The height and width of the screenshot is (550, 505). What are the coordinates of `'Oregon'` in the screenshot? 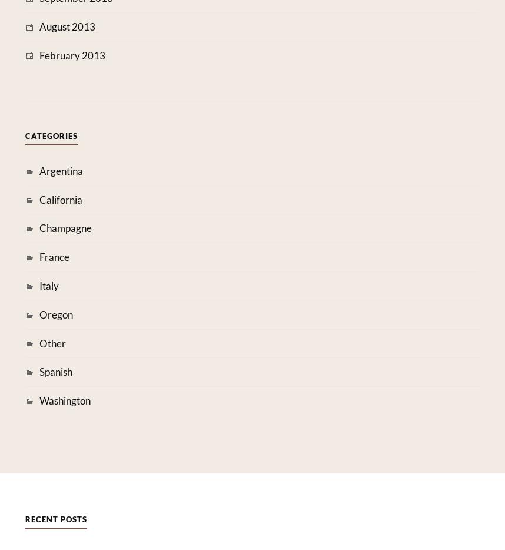 It's located at (55, 314).